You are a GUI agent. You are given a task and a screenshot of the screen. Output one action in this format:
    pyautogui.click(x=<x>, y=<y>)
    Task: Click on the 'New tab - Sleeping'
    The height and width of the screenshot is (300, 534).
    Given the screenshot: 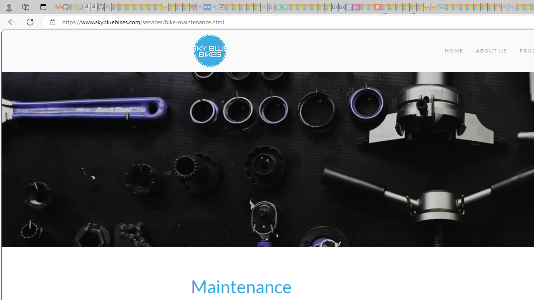 What is the action you would take?
    pyautogui.click(x=222, y=7)
    